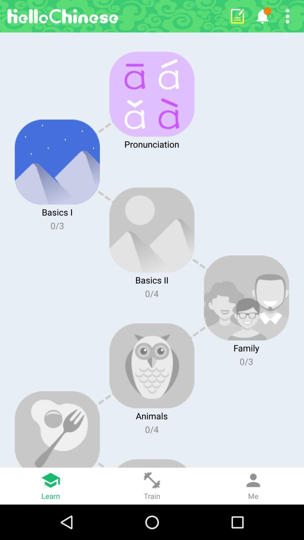 This screenshot has height=540, width=304. What do you see at coordinates (287, 16) in the screenshot?
I see `options menu` at bounding box center [287, 16].